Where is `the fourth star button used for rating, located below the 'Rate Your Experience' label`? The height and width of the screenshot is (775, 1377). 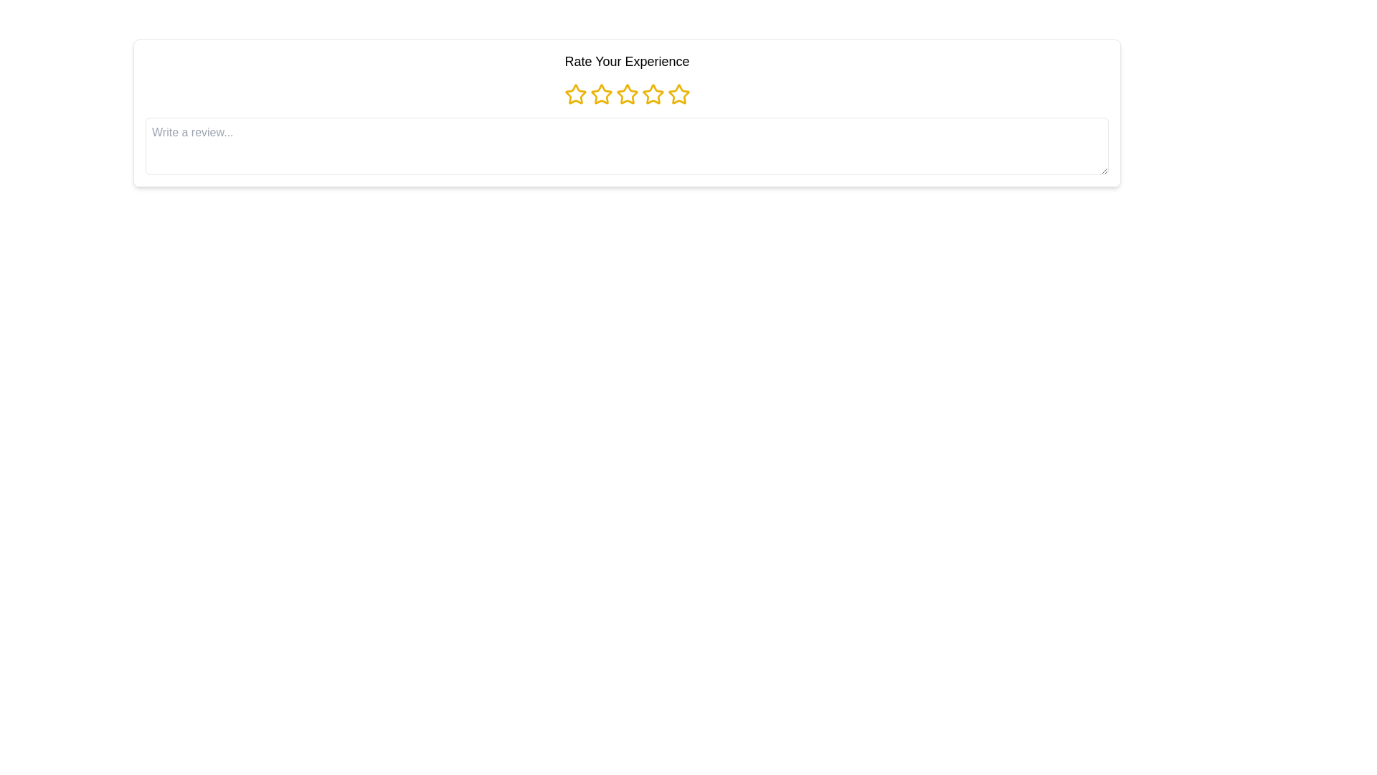
the fourth star button used for rating, located below the 'Rate Your Experience' label is located at coordinates (652, 94).